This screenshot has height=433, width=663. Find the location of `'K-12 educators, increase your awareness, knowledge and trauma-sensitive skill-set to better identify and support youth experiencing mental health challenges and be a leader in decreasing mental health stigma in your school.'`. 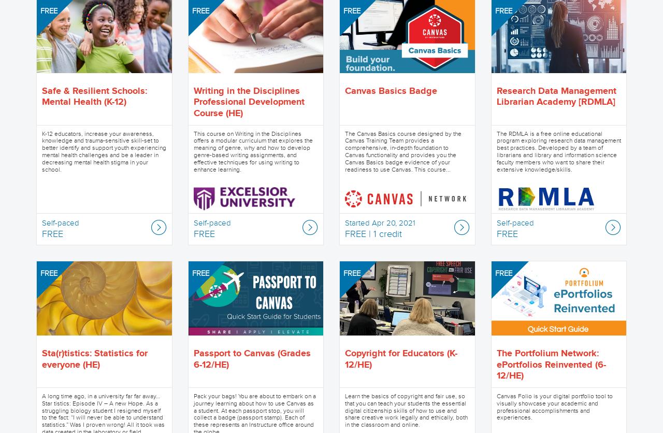

'K-12 educators, increase your awareness, knowledge and trauma-sensitive skill-set to better identify and support youth experiencing mental health challenges and be a leader in decreasing mental health stigma in your school.' is located at coordinates (104, 150).